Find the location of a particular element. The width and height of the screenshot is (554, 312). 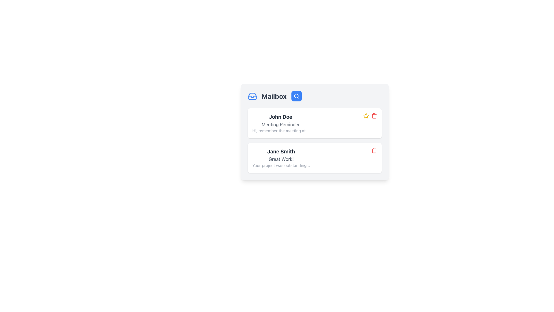

the static text that serves as a subtitle for the message preview, located directly below the title 'John Doe' and above the description 'Hi, remember the meeting at...' is located at coordinates (280, 124).